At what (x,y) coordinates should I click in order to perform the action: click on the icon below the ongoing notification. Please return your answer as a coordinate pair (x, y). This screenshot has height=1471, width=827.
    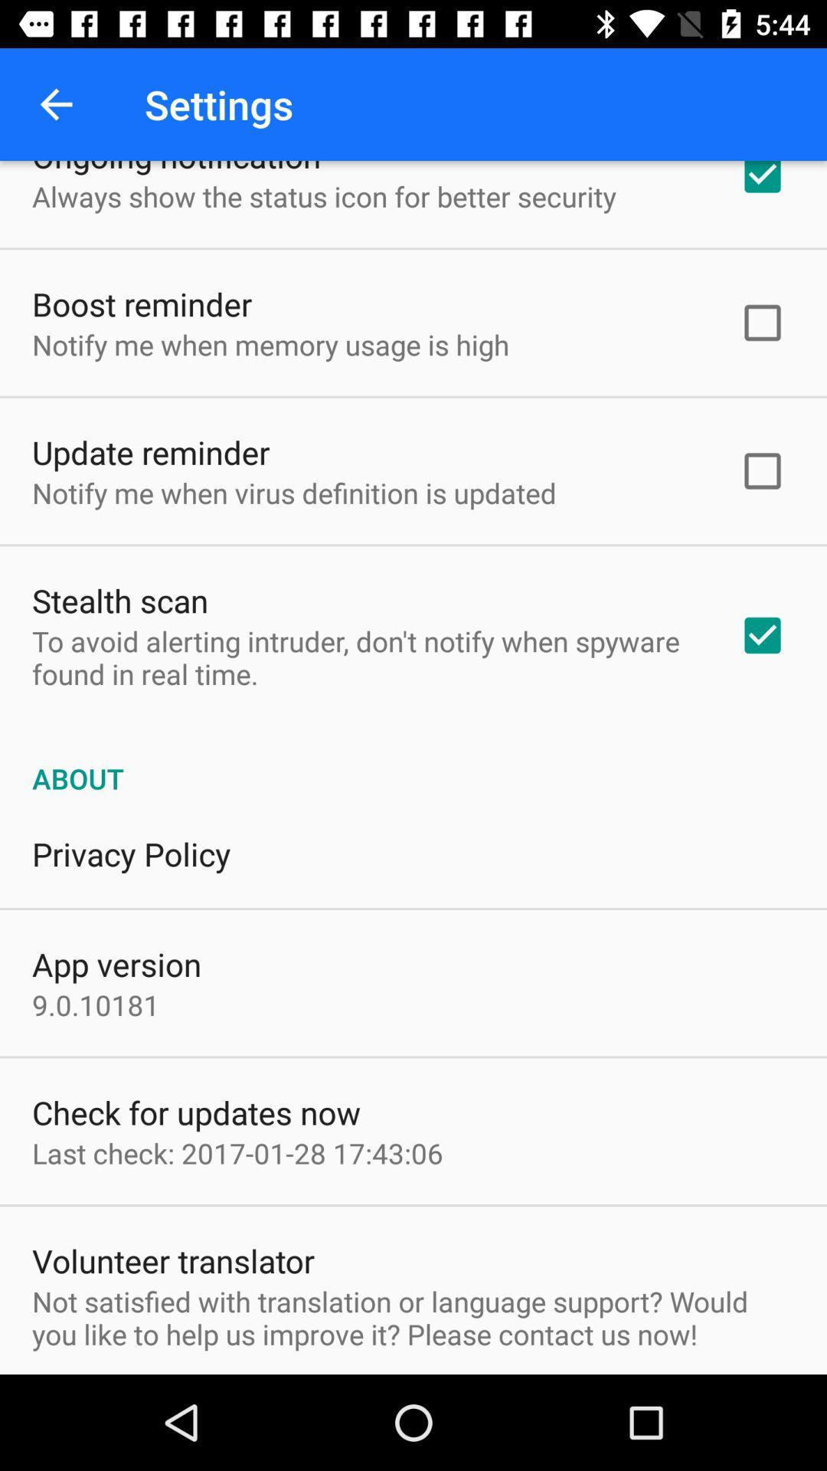
    Looking at the image, I should click on (323, 195).